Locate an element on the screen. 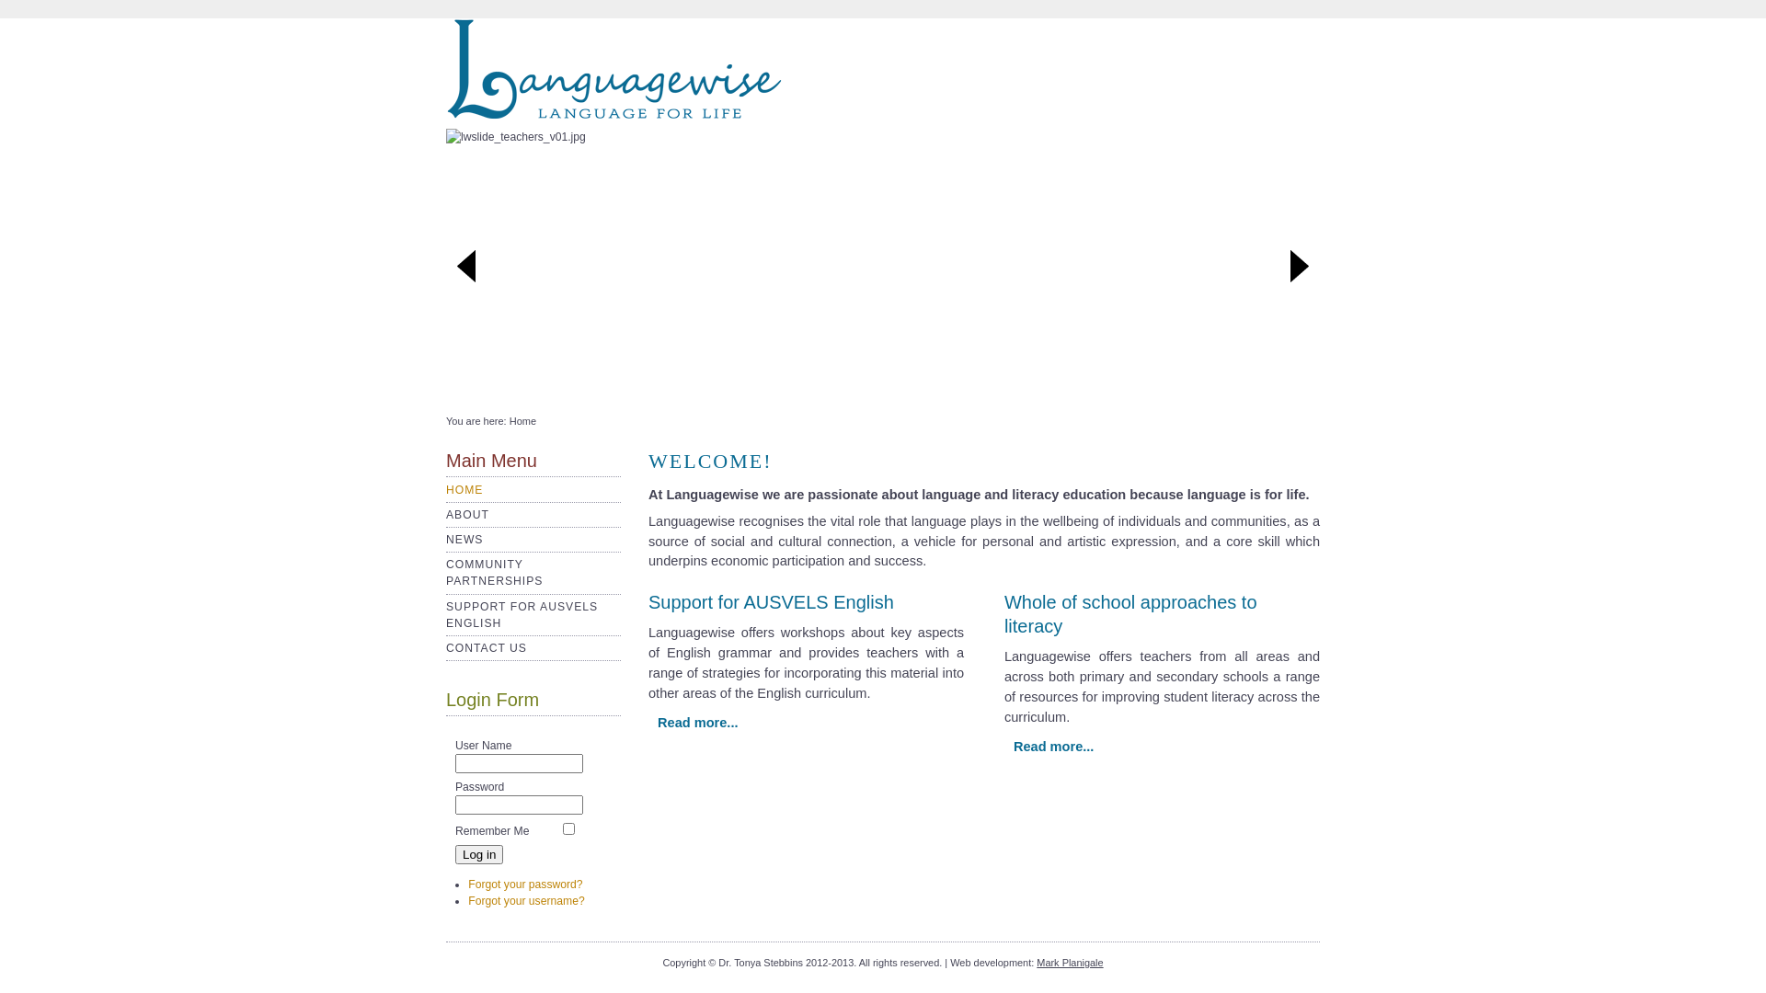 The image size is (1766, 993). 'Read more...' is located at coordinates (1054, 747).